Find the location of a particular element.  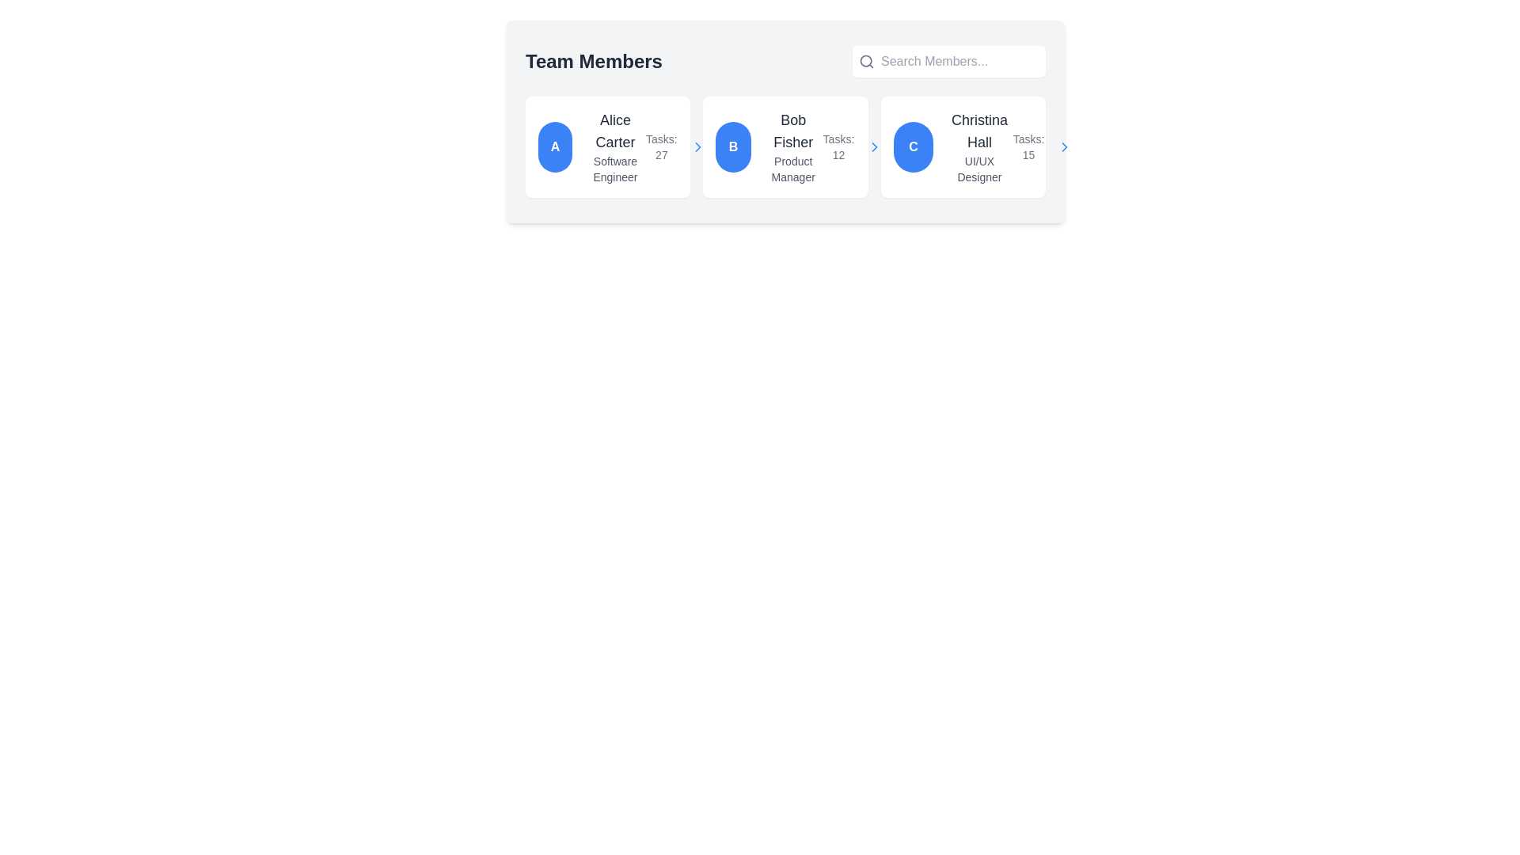

the right-facing chevron-shaped arrow button next to 'Tasks: 27' to observe styling changes is located at coordinates (697, 146).